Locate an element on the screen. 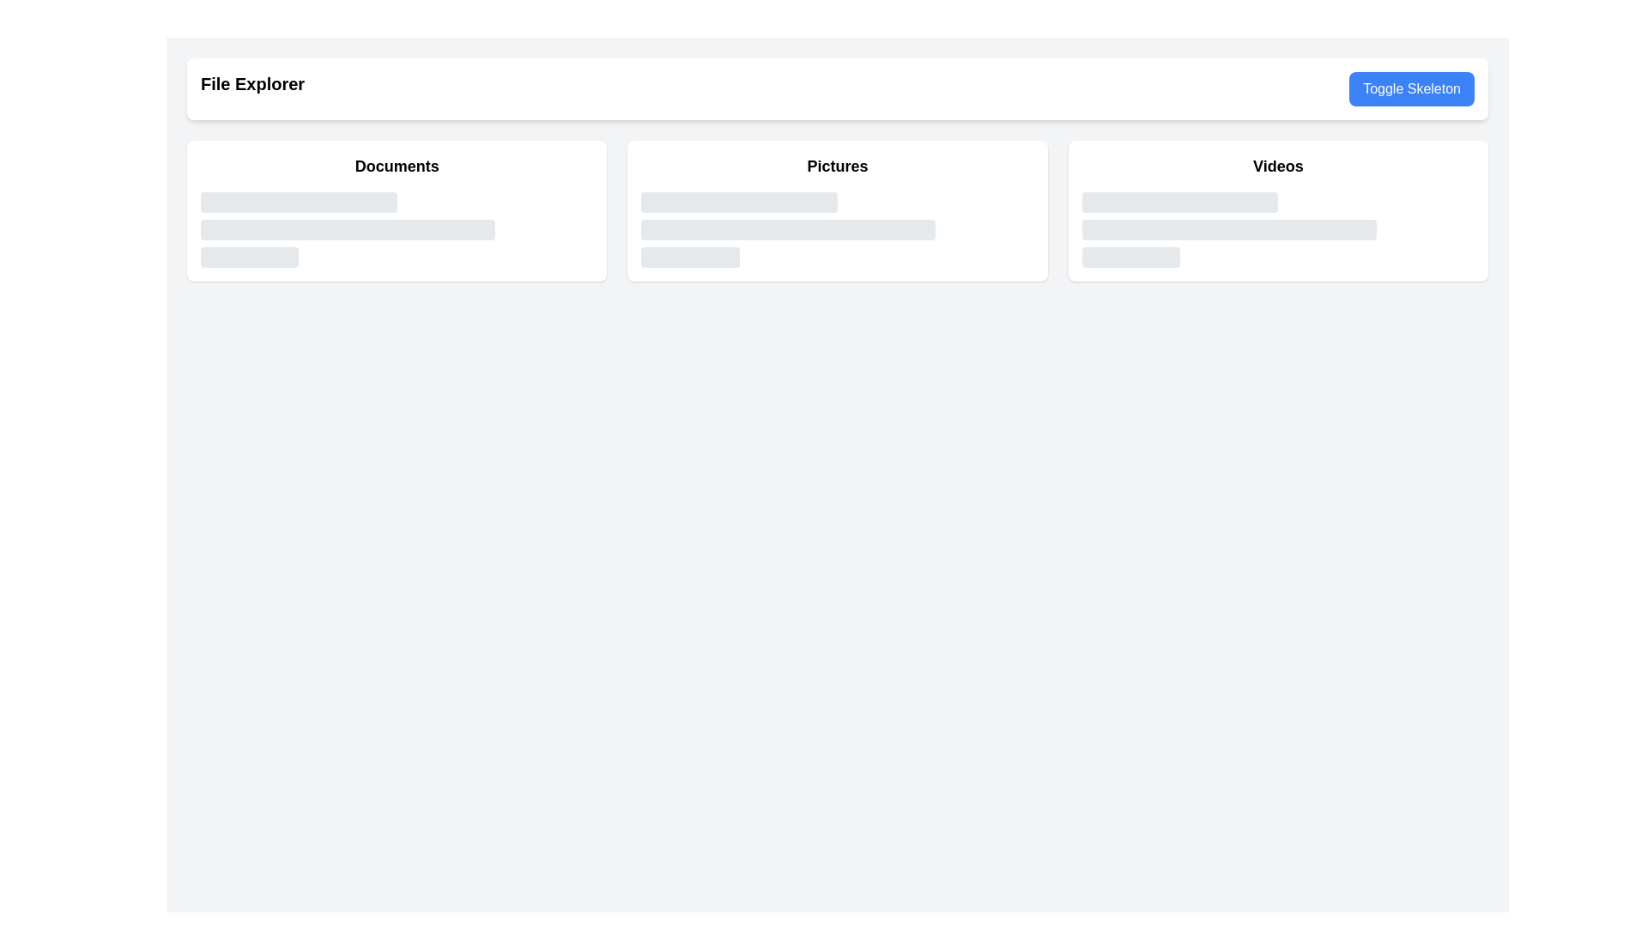  the 'Videos' card located on the rightmost side of the second row is located at coordinates (1278, 210).